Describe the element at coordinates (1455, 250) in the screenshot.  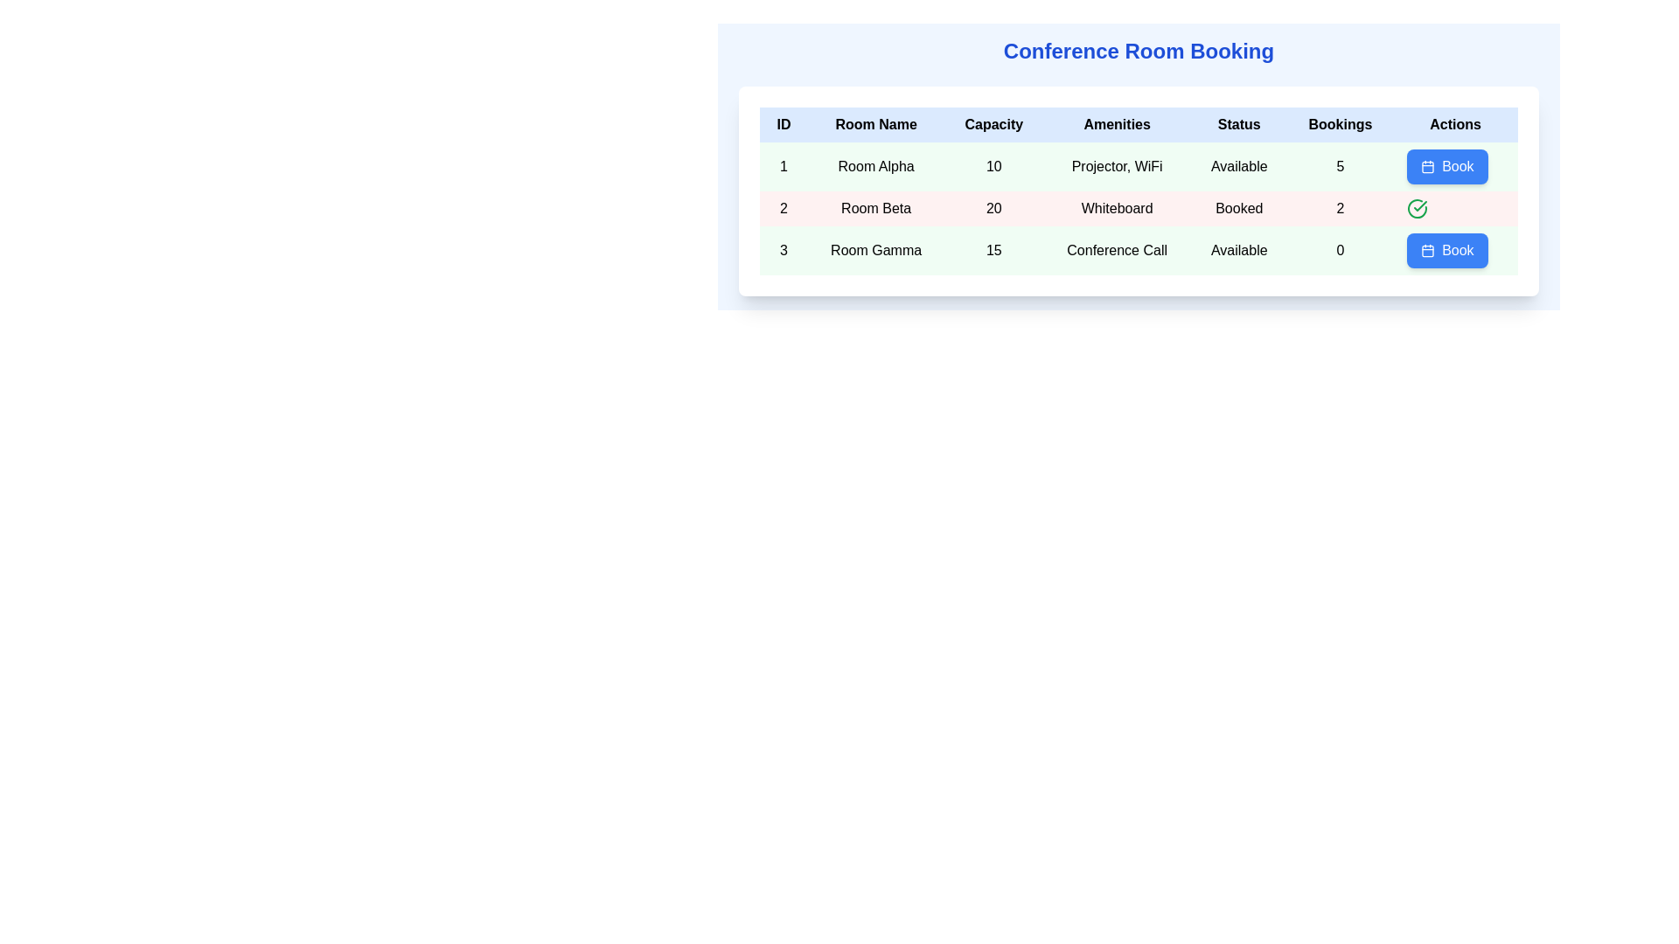
I see `the interactive button in the last cell of the last row under the 'Actions' column` at that location.